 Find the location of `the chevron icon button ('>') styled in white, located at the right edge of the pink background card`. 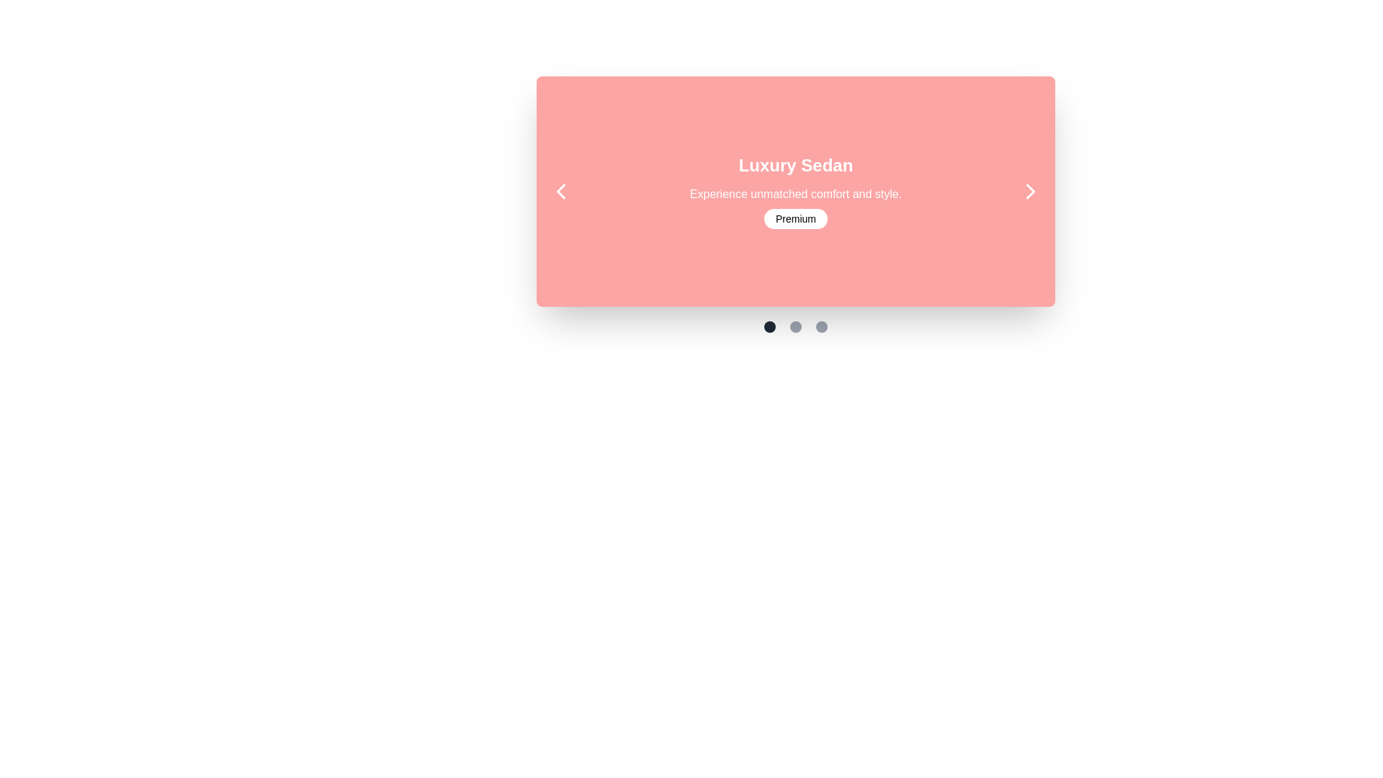

the chevron icon button ('>') styled in white, located at the right edge of the pink background card is located at coordinates (1029, 191).